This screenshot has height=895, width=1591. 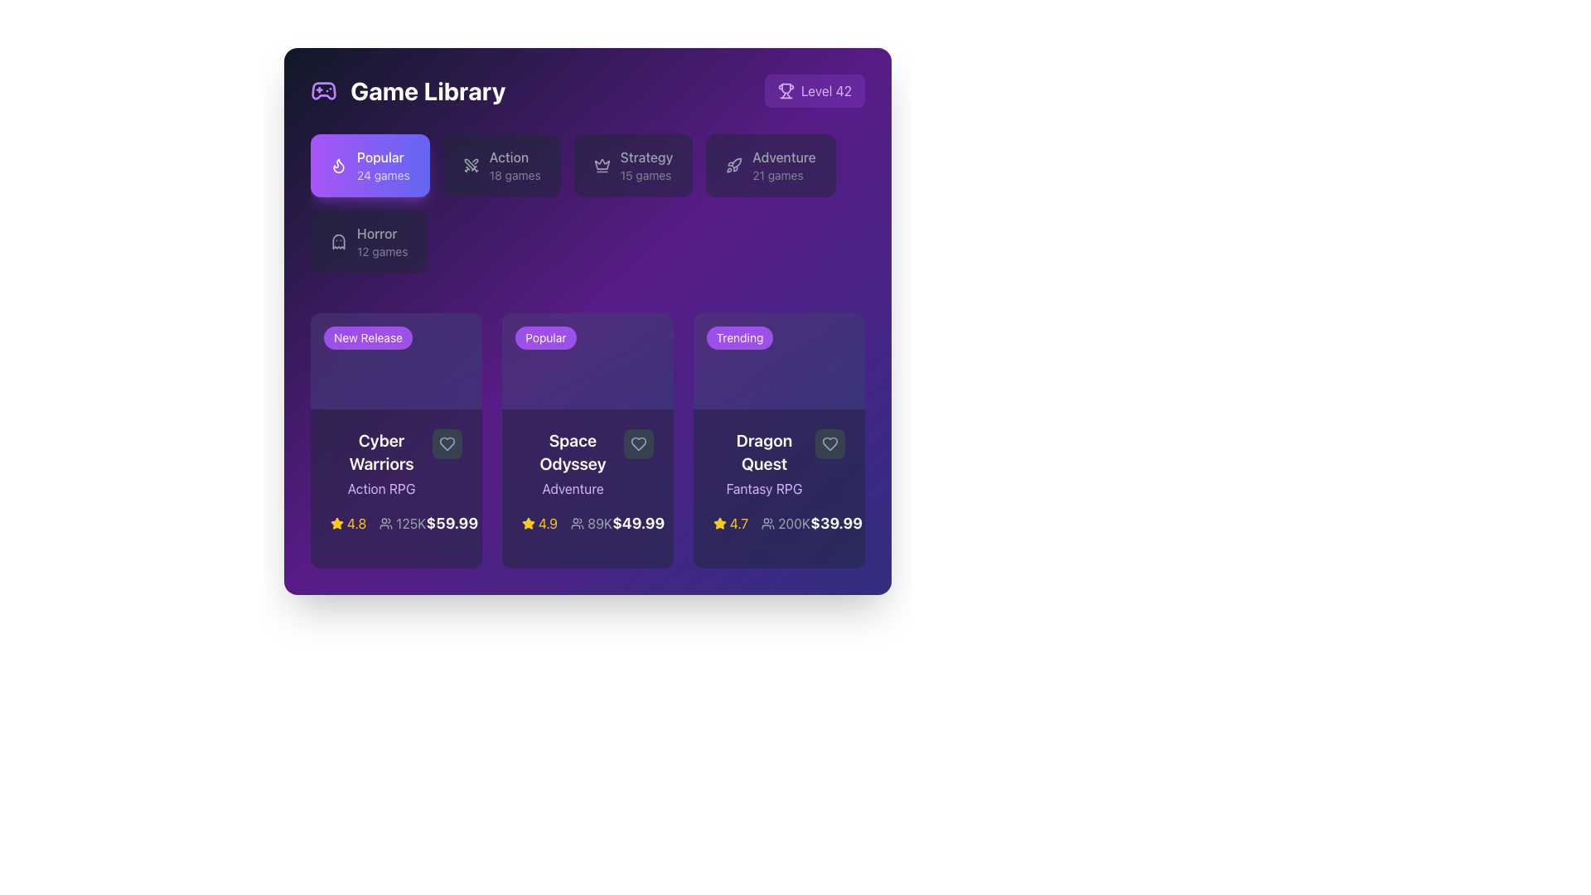 What do you see at coordinates (337, 166) in the screenshot?
I see `the flame icon representing 'popularity' located in the left-side navigation bar next to the 'Popular' tab` at bounding box center [337, 166].